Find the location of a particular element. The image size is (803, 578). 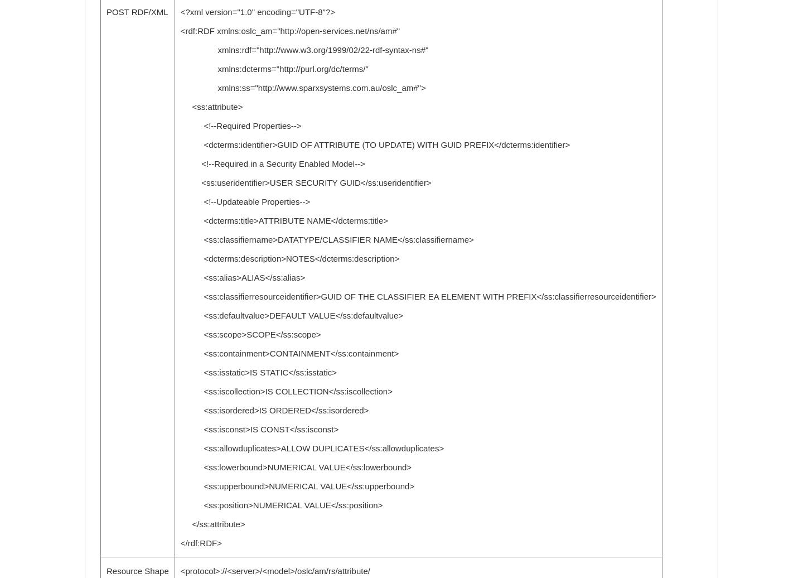

'<ss:scope>SCOPE</ss:scope>' is located at coordinates (180, 334).